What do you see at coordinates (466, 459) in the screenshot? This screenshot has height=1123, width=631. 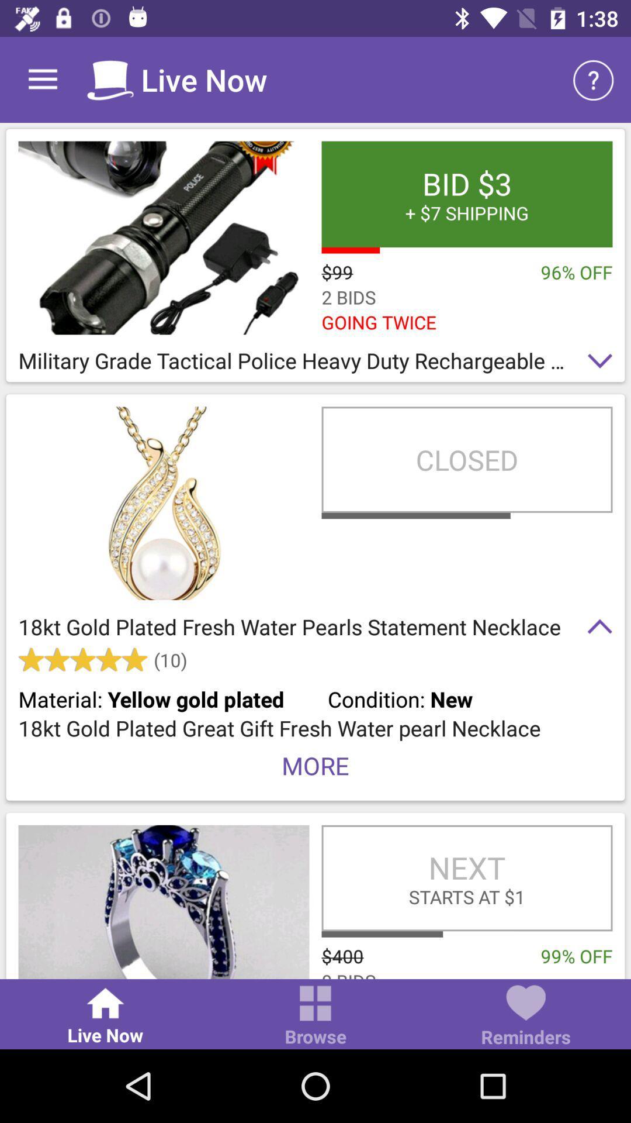 I see `the closed` at bounding box center [466, 459].